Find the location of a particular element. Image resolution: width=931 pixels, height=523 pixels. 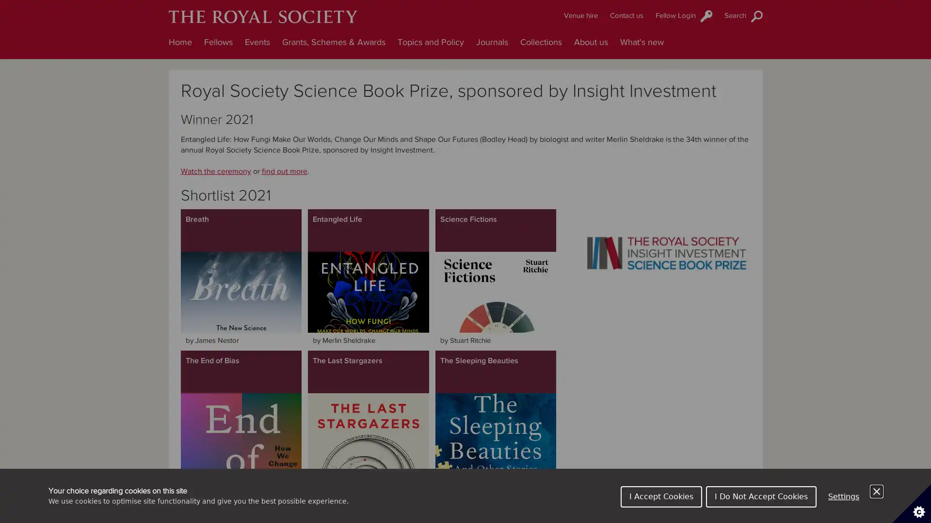

Settings is located at coordinates (843, 497).